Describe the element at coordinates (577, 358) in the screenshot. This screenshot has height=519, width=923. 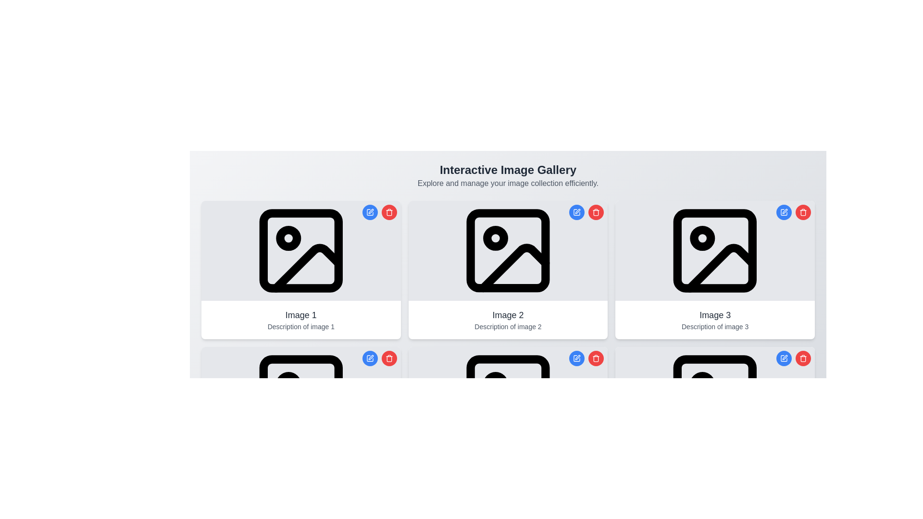
I see `the blue pencil icon in the top-right corner of 'Image 2'` at that location.